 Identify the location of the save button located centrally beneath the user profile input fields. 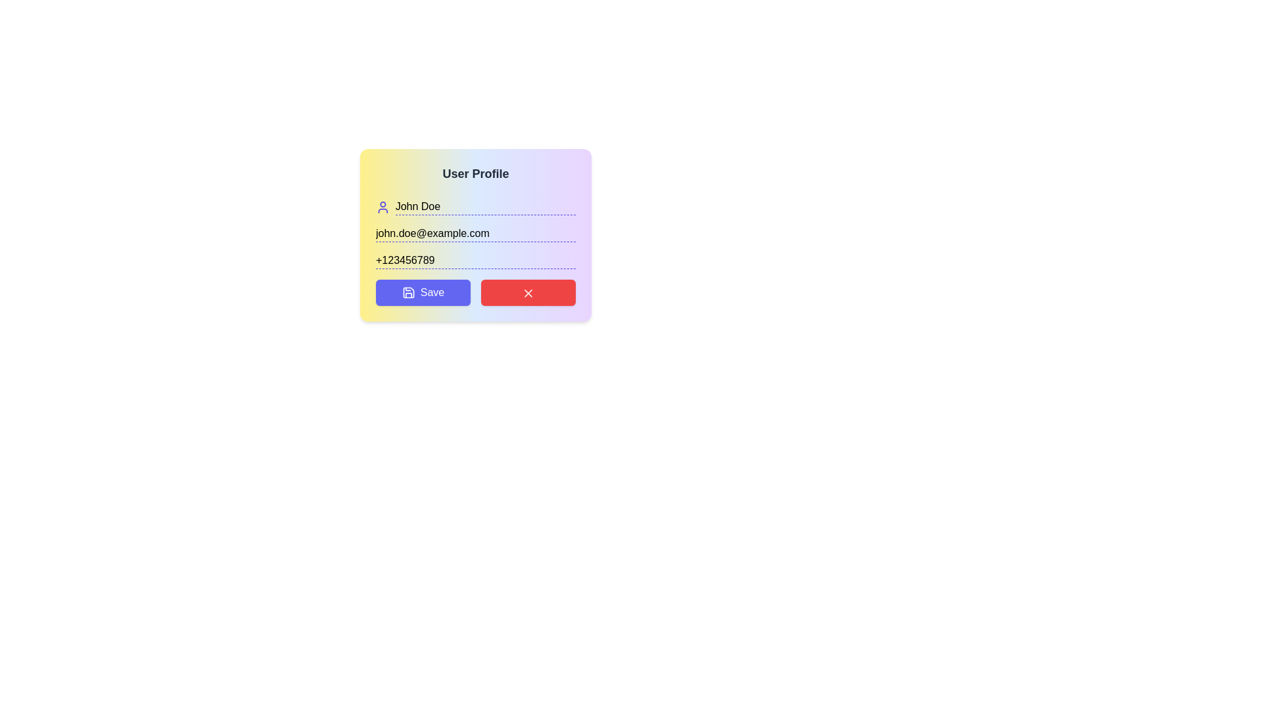
(423, 292).